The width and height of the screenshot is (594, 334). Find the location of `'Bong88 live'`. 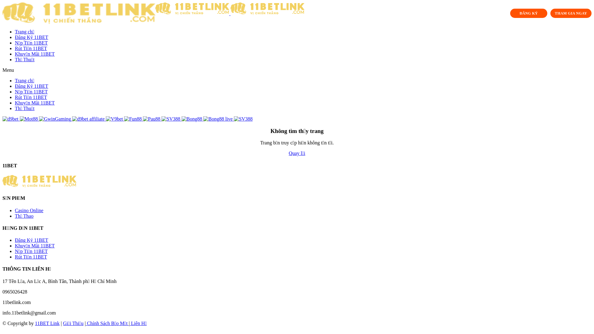

'Bong88 live' is located at coordinates (218, 119).